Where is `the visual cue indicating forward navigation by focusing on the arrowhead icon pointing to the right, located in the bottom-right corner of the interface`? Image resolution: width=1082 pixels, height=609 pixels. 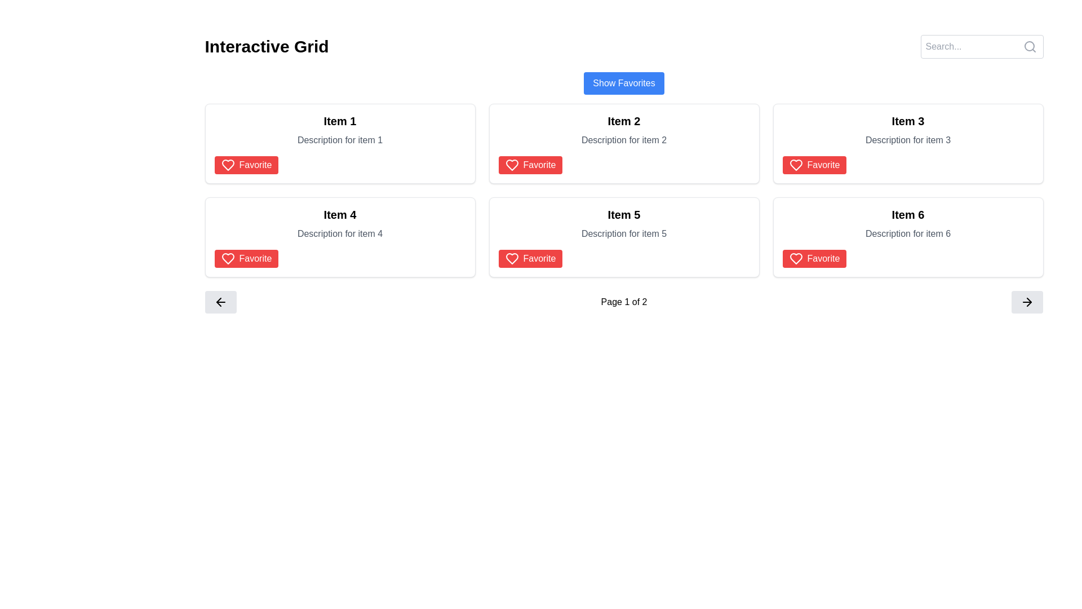 the visual cue indicating forward navigation by focusing on the arrowhead icon pointing to the right, located in the bottom-right corner of the interface is located at coordinates (1030, 302).